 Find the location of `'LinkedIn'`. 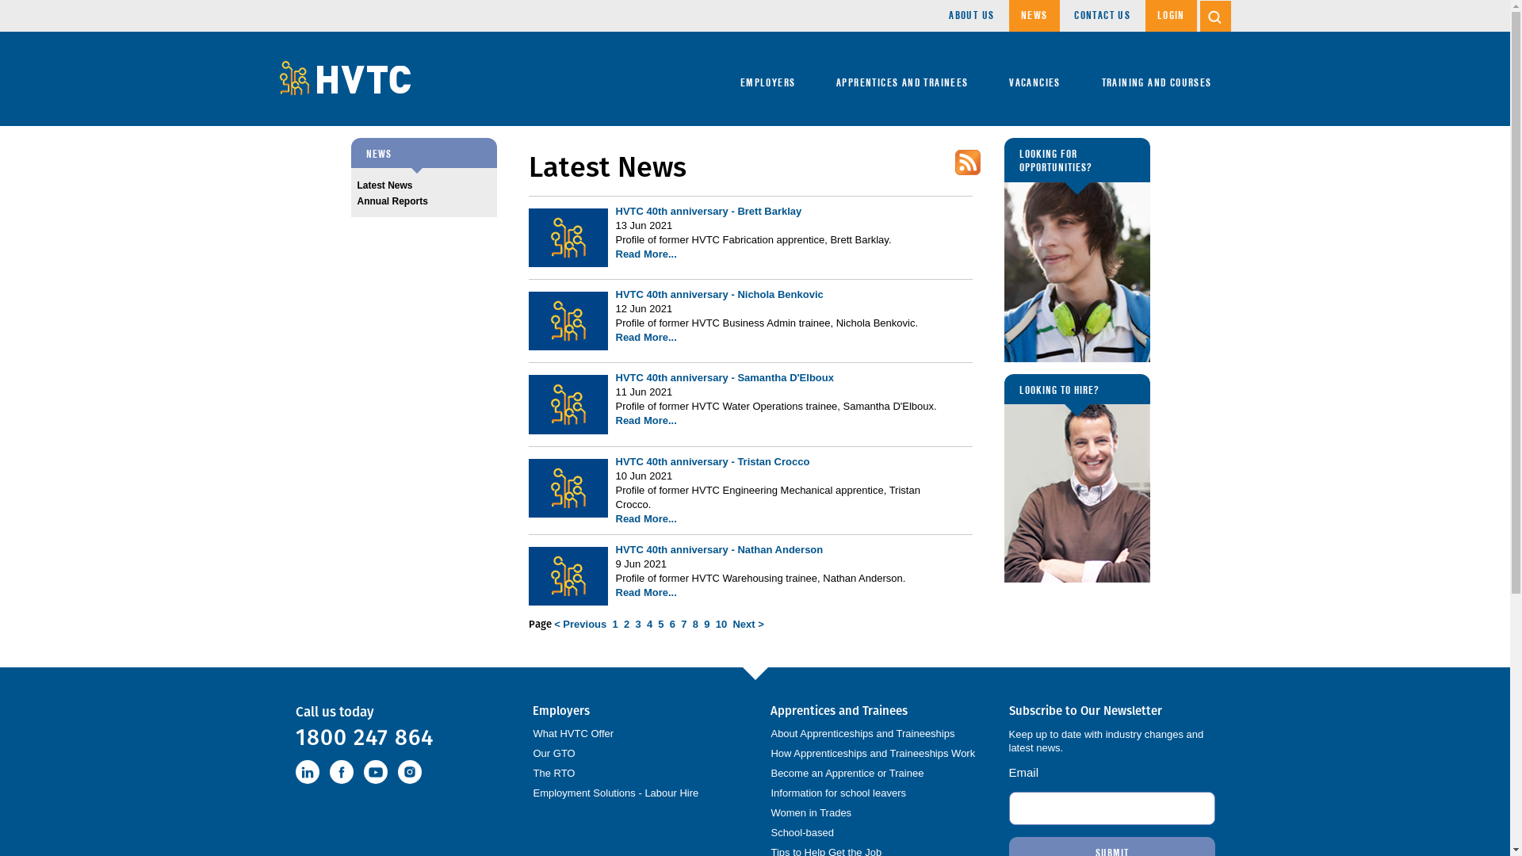

'LinkedIn' is located at coordinates (295, 771).